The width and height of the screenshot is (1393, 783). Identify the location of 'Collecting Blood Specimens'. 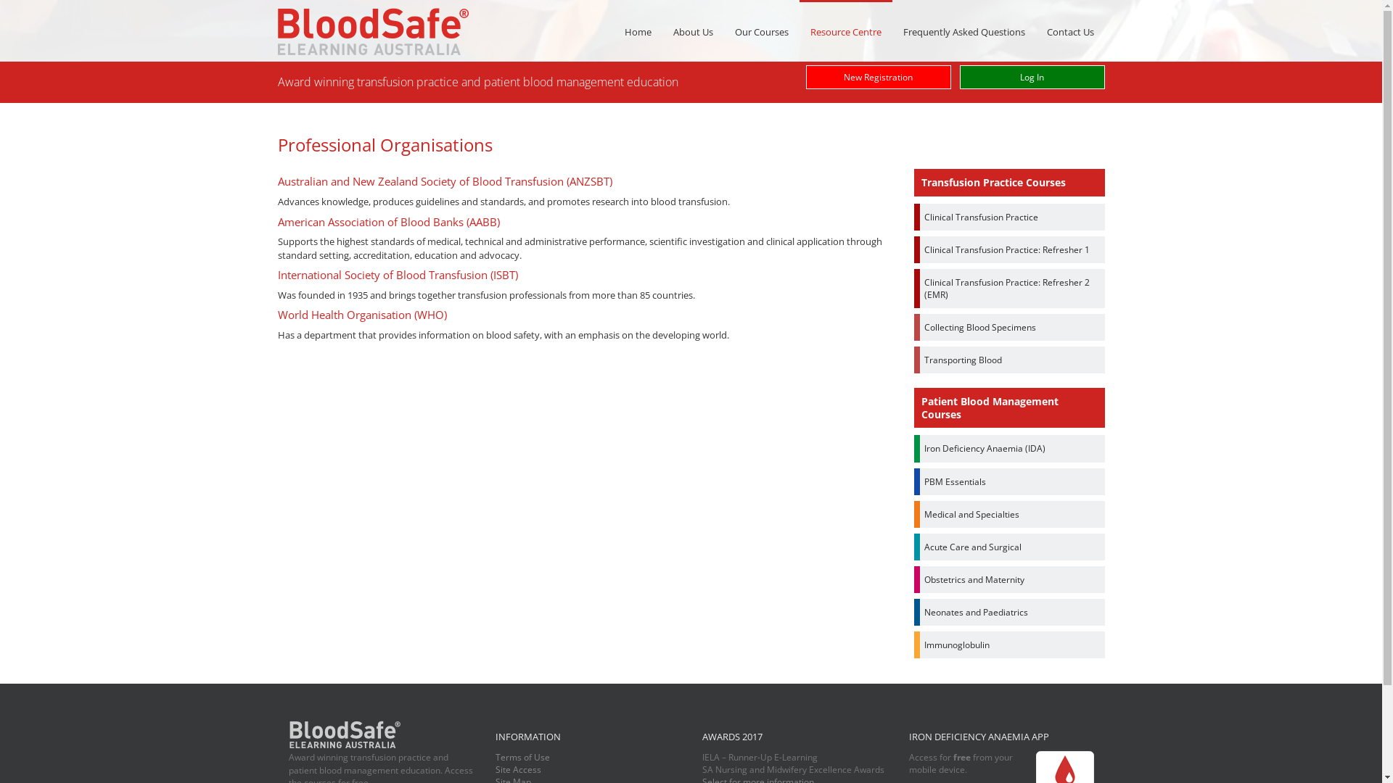
(913, 327).